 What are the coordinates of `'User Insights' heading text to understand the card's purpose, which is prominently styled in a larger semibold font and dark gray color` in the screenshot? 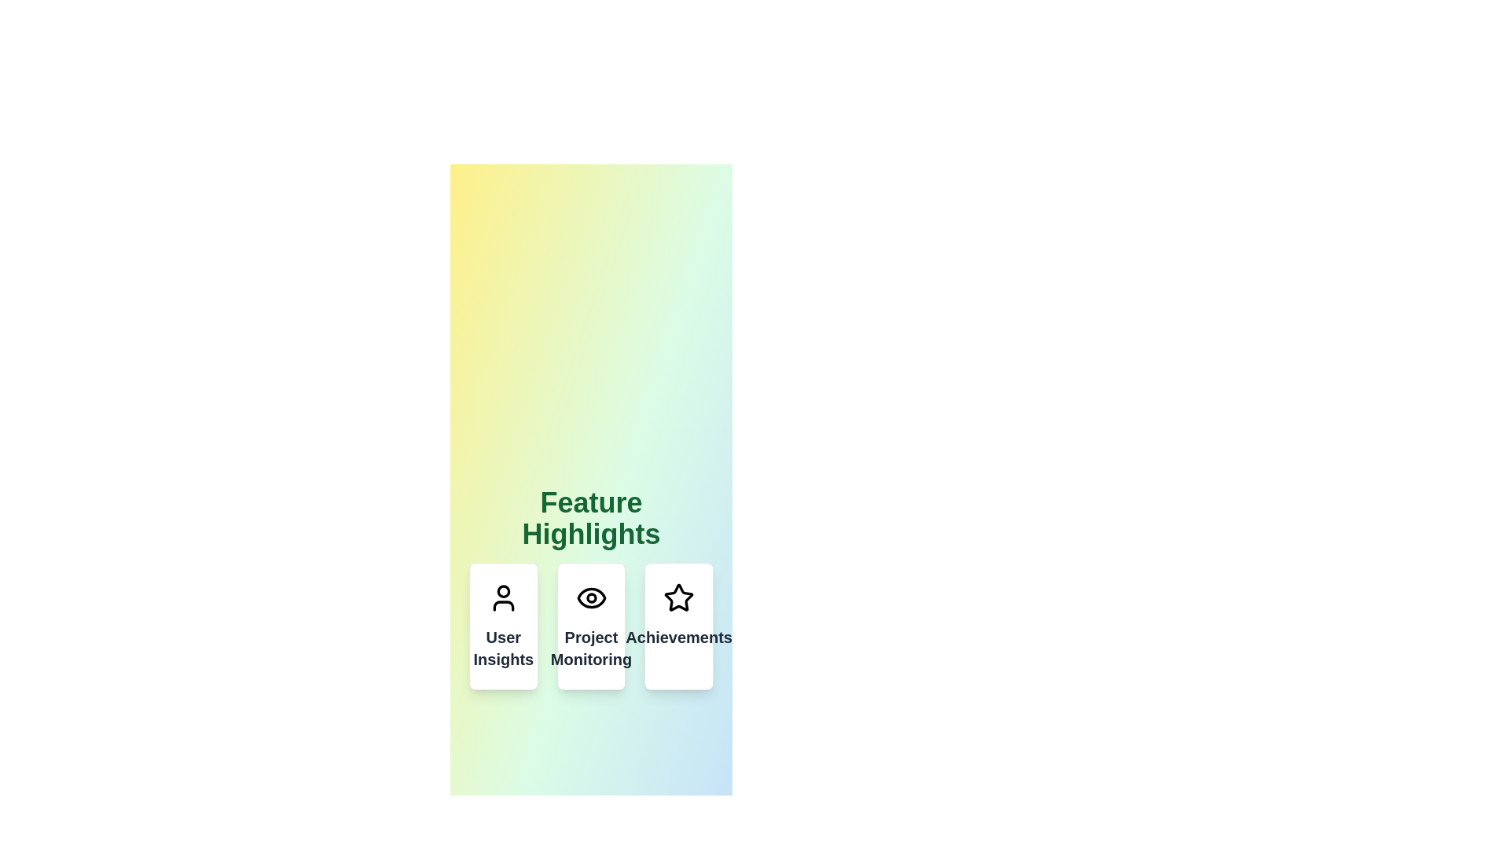 It's located at (503, 649).